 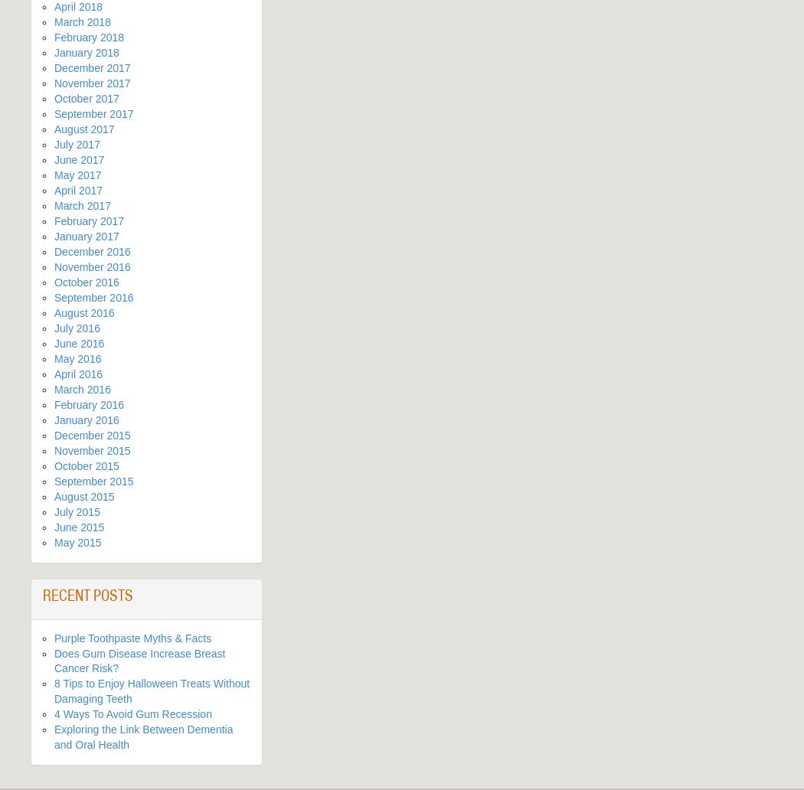 What do you see at coordinates (82, 21) in the screenshot?
I see `'March 2018'` at bounding box center [82, 21].